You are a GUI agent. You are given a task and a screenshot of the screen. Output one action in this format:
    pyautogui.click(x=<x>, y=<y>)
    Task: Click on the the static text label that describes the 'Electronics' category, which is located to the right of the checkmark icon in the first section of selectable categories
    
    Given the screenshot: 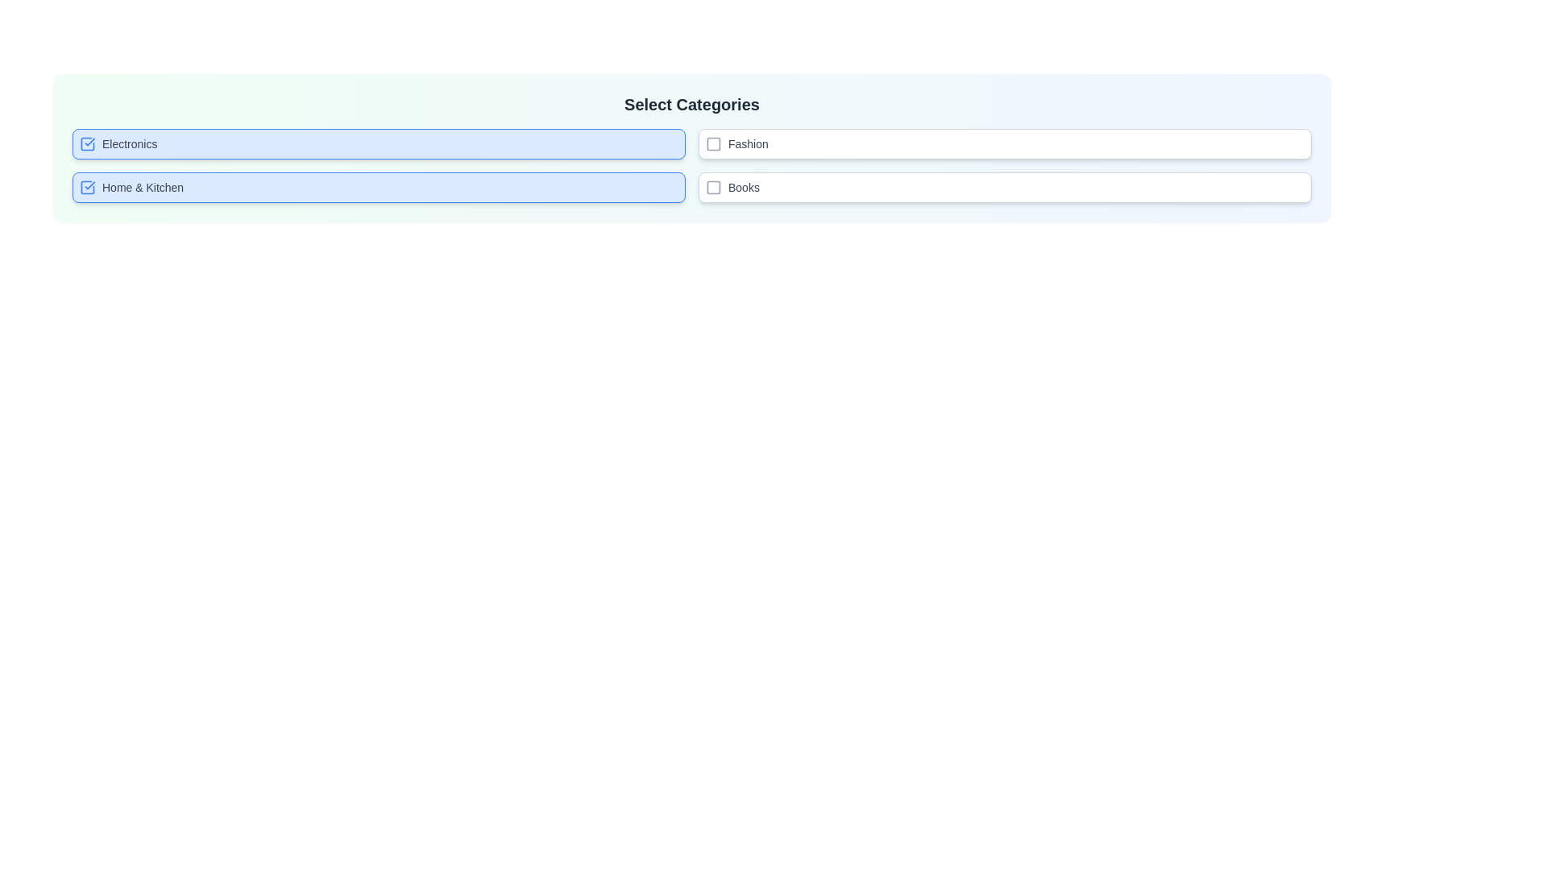 What is the action you would take?
    pyautogui.click(x=130, y=143)
    